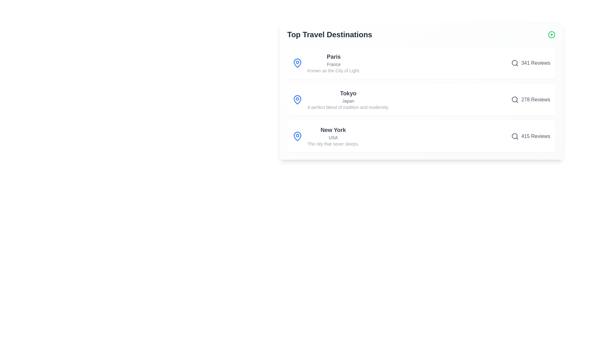 The image size is (607, 341). What do you see at coordinates (421, 63) in the screenshot?
I see `the destination item for Paris` at bounding box center [421, 63].